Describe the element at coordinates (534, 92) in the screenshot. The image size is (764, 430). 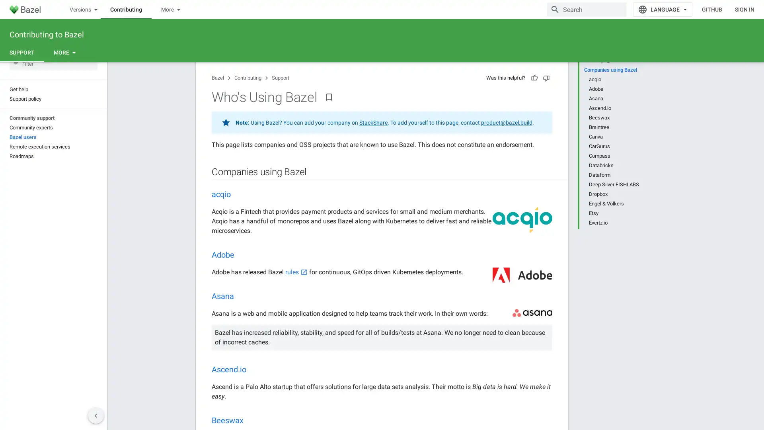
I see `Helpful` at that location.